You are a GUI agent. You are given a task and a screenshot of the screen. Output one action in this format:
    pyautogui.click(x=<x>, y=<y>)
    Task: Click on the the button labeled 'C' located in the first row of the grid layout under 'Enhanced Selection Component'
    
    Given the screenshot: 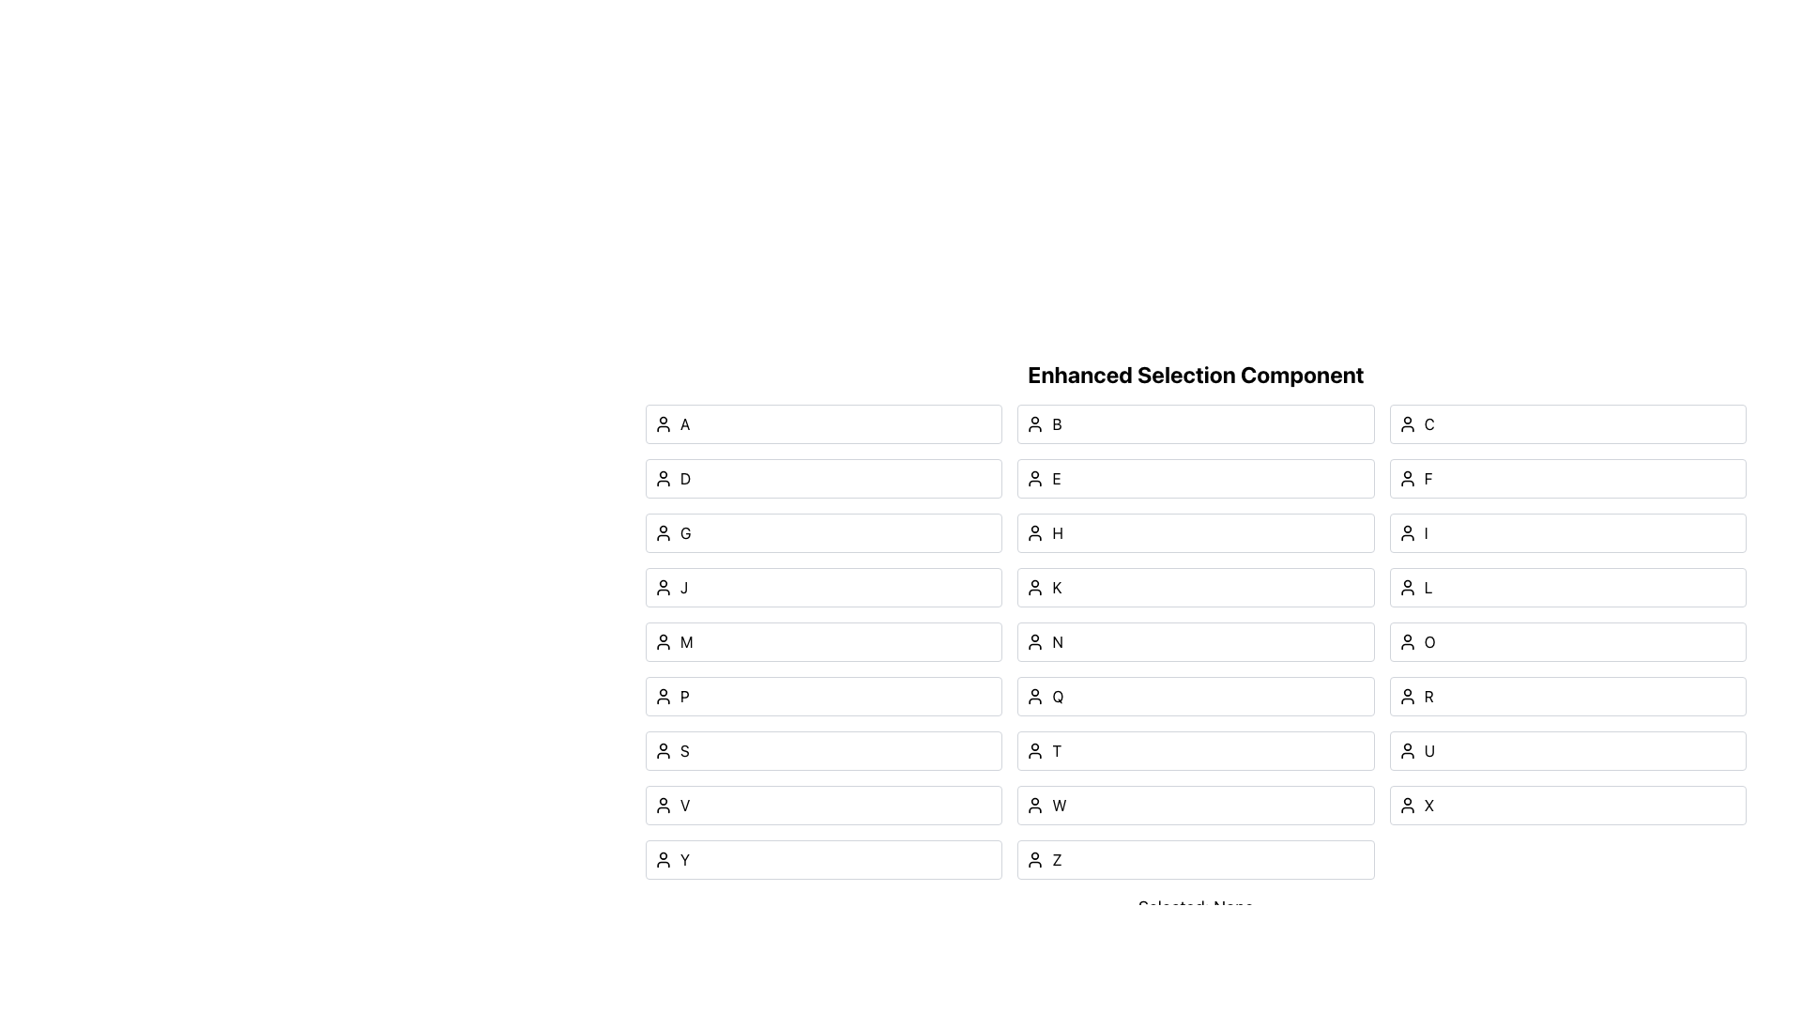 What is the action you would take?
    pyautogui.click(x=1567, y=423)
    